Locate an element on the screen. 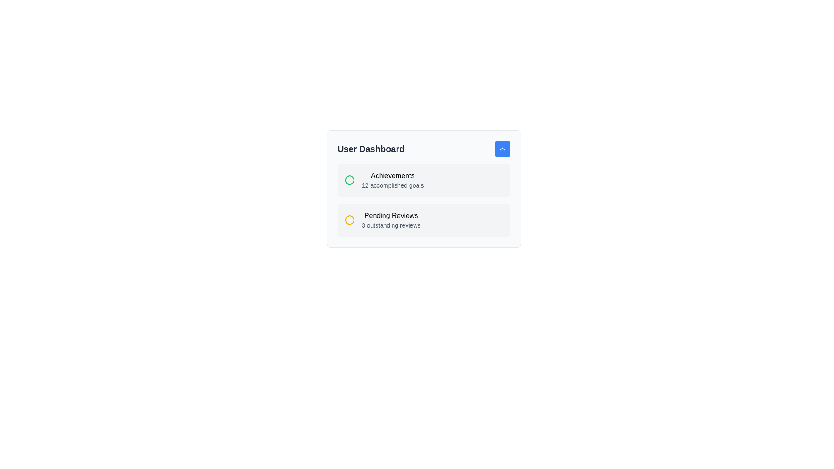 This screenshot has height=469, width=834. the Informational panel located in the center of the User Dashboard, which displays progress-related reports such as achievements and pending reviews is located at coordinates (424, 188).